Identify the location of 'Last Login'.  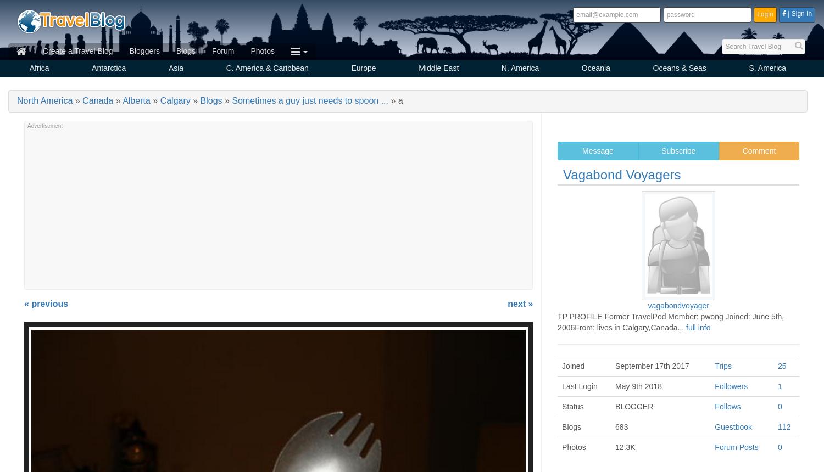
(579, 385).